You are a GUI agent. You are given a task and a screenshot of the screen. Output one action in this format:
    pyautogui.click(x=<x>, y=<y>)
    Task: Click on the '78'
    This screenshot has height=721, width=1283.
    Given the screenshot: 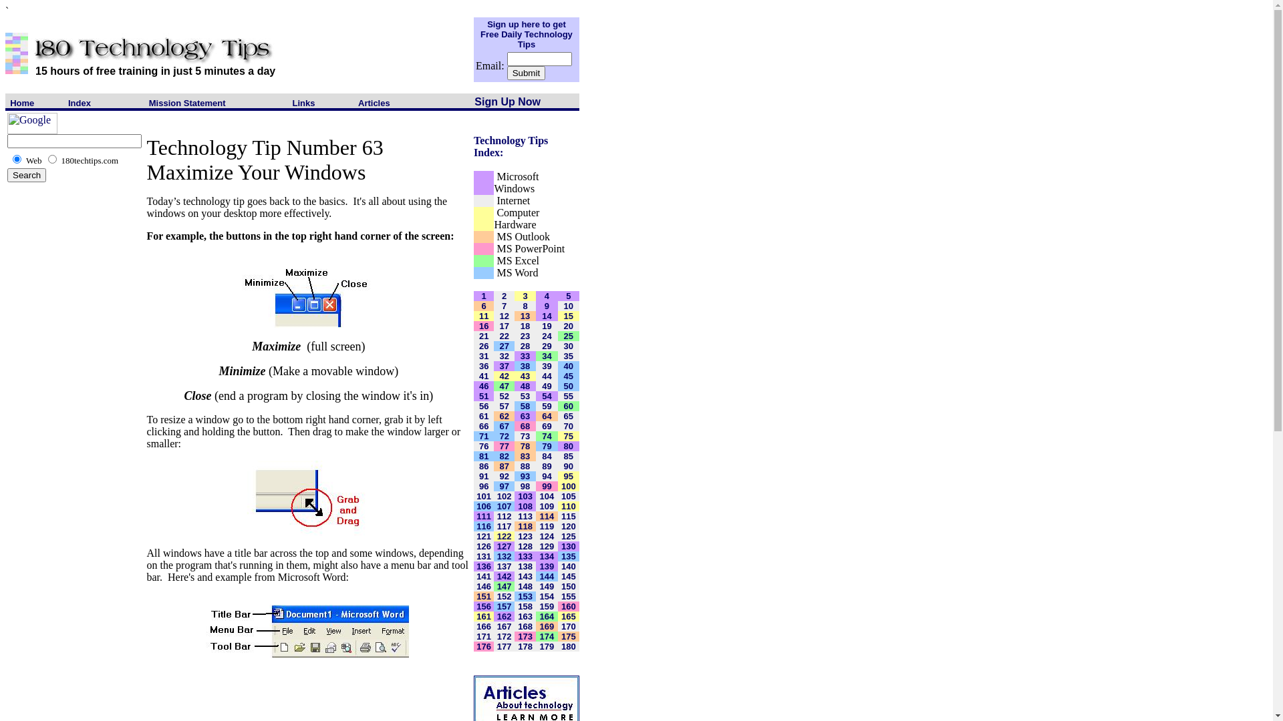 What is the action you would take?
    pyautogui.click(x=525, y=446)
    